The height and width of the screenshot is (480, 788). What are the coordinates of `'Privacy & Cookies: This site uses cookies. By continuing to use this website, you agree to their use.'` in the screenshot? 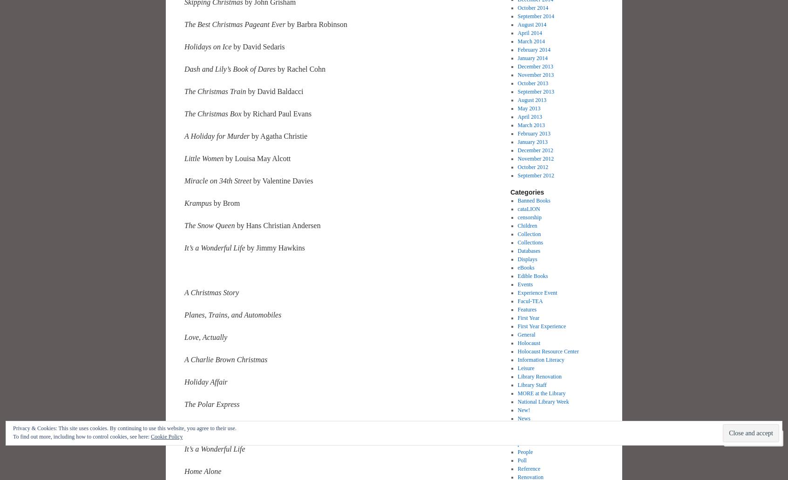 It's located at (124, 428).